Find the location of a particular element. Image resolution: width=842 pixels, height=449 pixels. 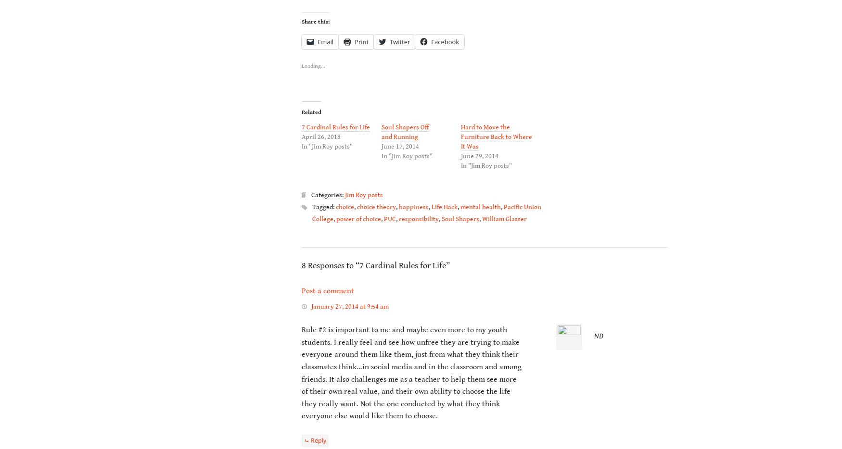

'Reply' is located at coordinates (318, 440).